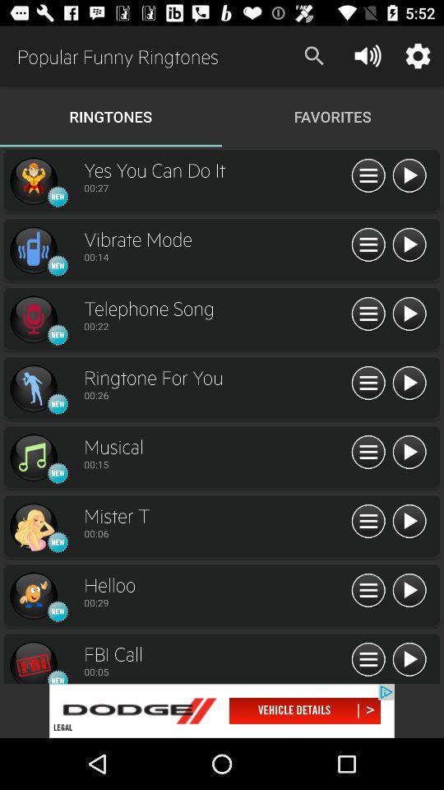 This screenshot has height=790, width=444. Describe the element at coordinates (408, 453) in the screenshot. I see `menu` at that location.